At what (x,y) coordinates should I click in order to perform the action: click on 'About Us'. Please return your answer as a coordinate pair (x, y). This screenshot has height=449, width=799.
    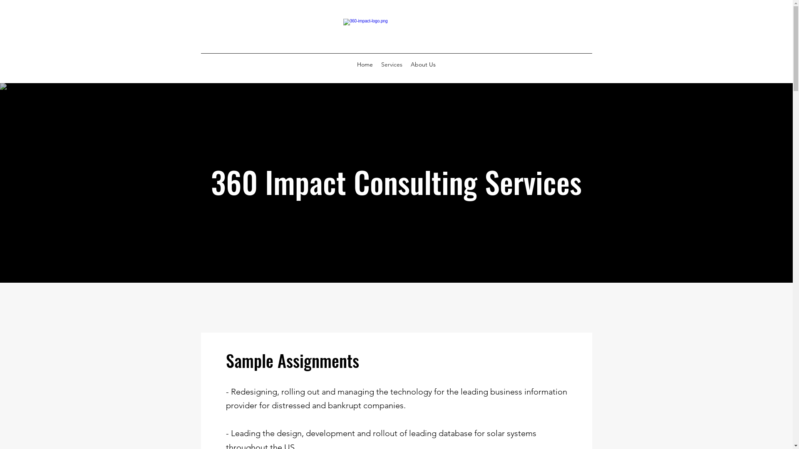
    Looking at the image, I should click on (423, 64).